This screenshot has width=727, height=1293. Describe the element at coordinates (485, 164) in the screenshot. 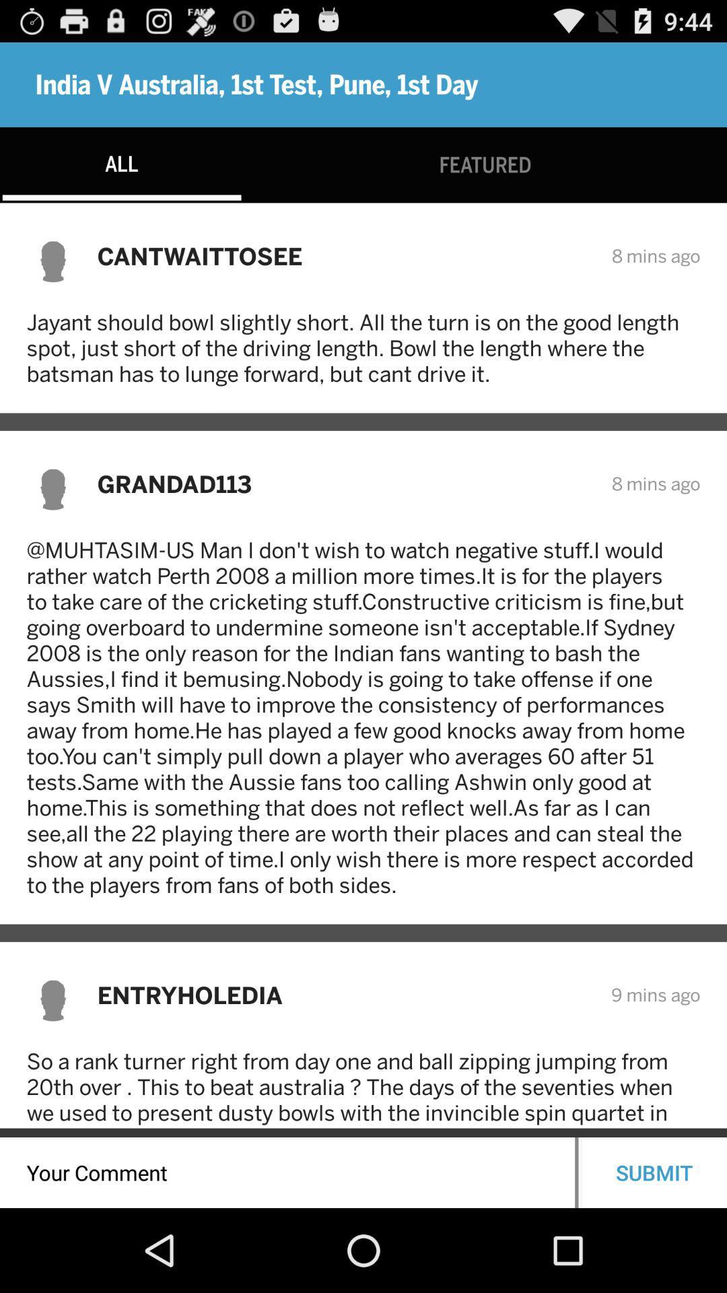

I see `icon below the india v australia icon` at that location.